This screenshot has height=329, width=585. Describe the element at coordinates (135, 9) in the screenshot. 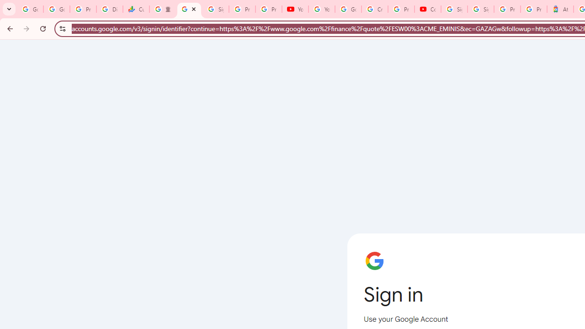

I see `'Currencies - Google Finance'` at that location.